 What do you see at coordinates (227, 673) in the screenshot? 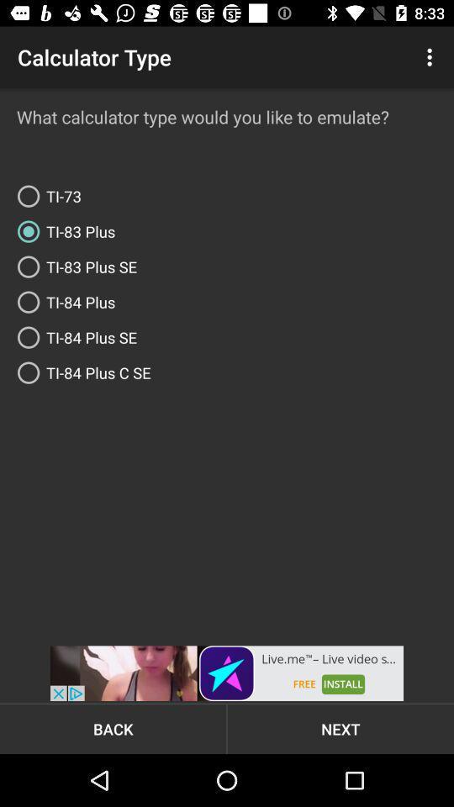
I see `irrelevant advertisement` at bounding box center [227, 673].